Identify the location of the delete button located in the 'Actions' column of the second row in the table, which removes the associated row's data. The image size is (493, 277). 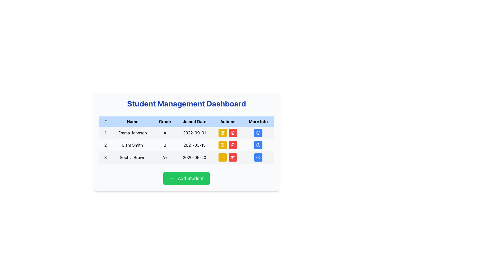
(233, 145).